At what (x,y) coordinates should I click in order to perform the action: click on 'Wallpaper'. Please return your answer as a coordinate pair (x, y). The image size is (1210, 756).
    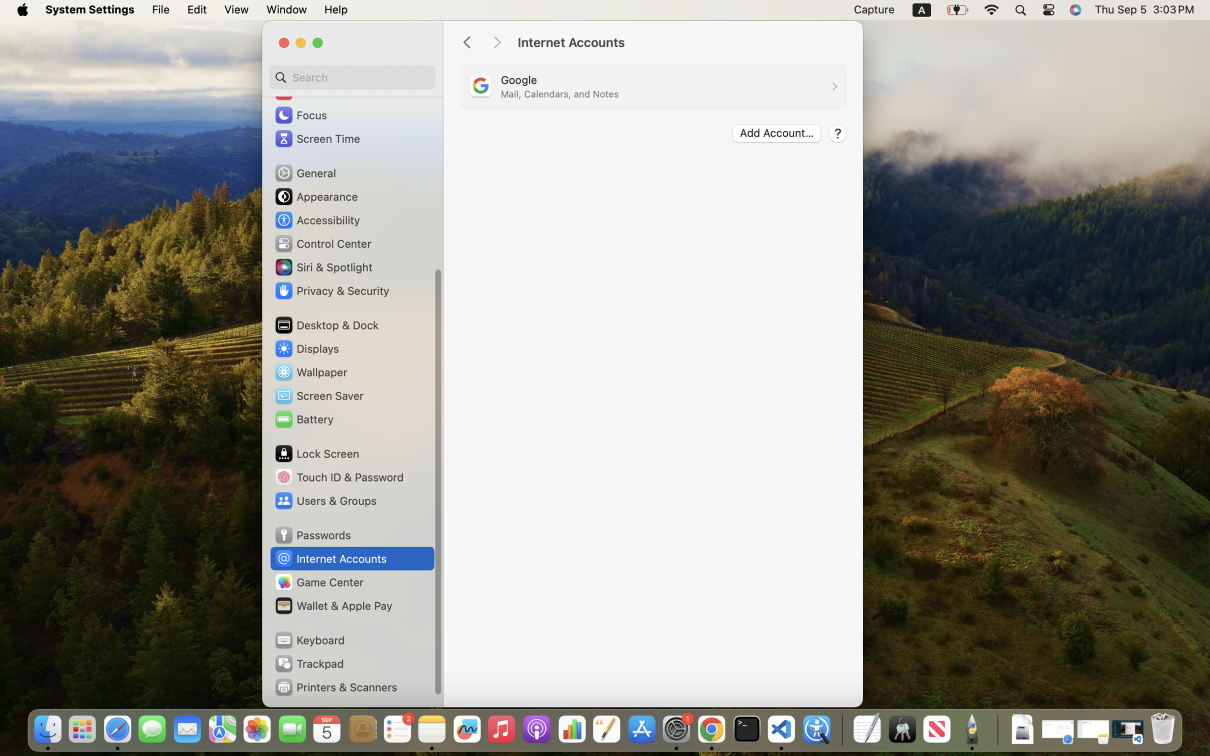
    Looking at the image, I should click on (310, 371).